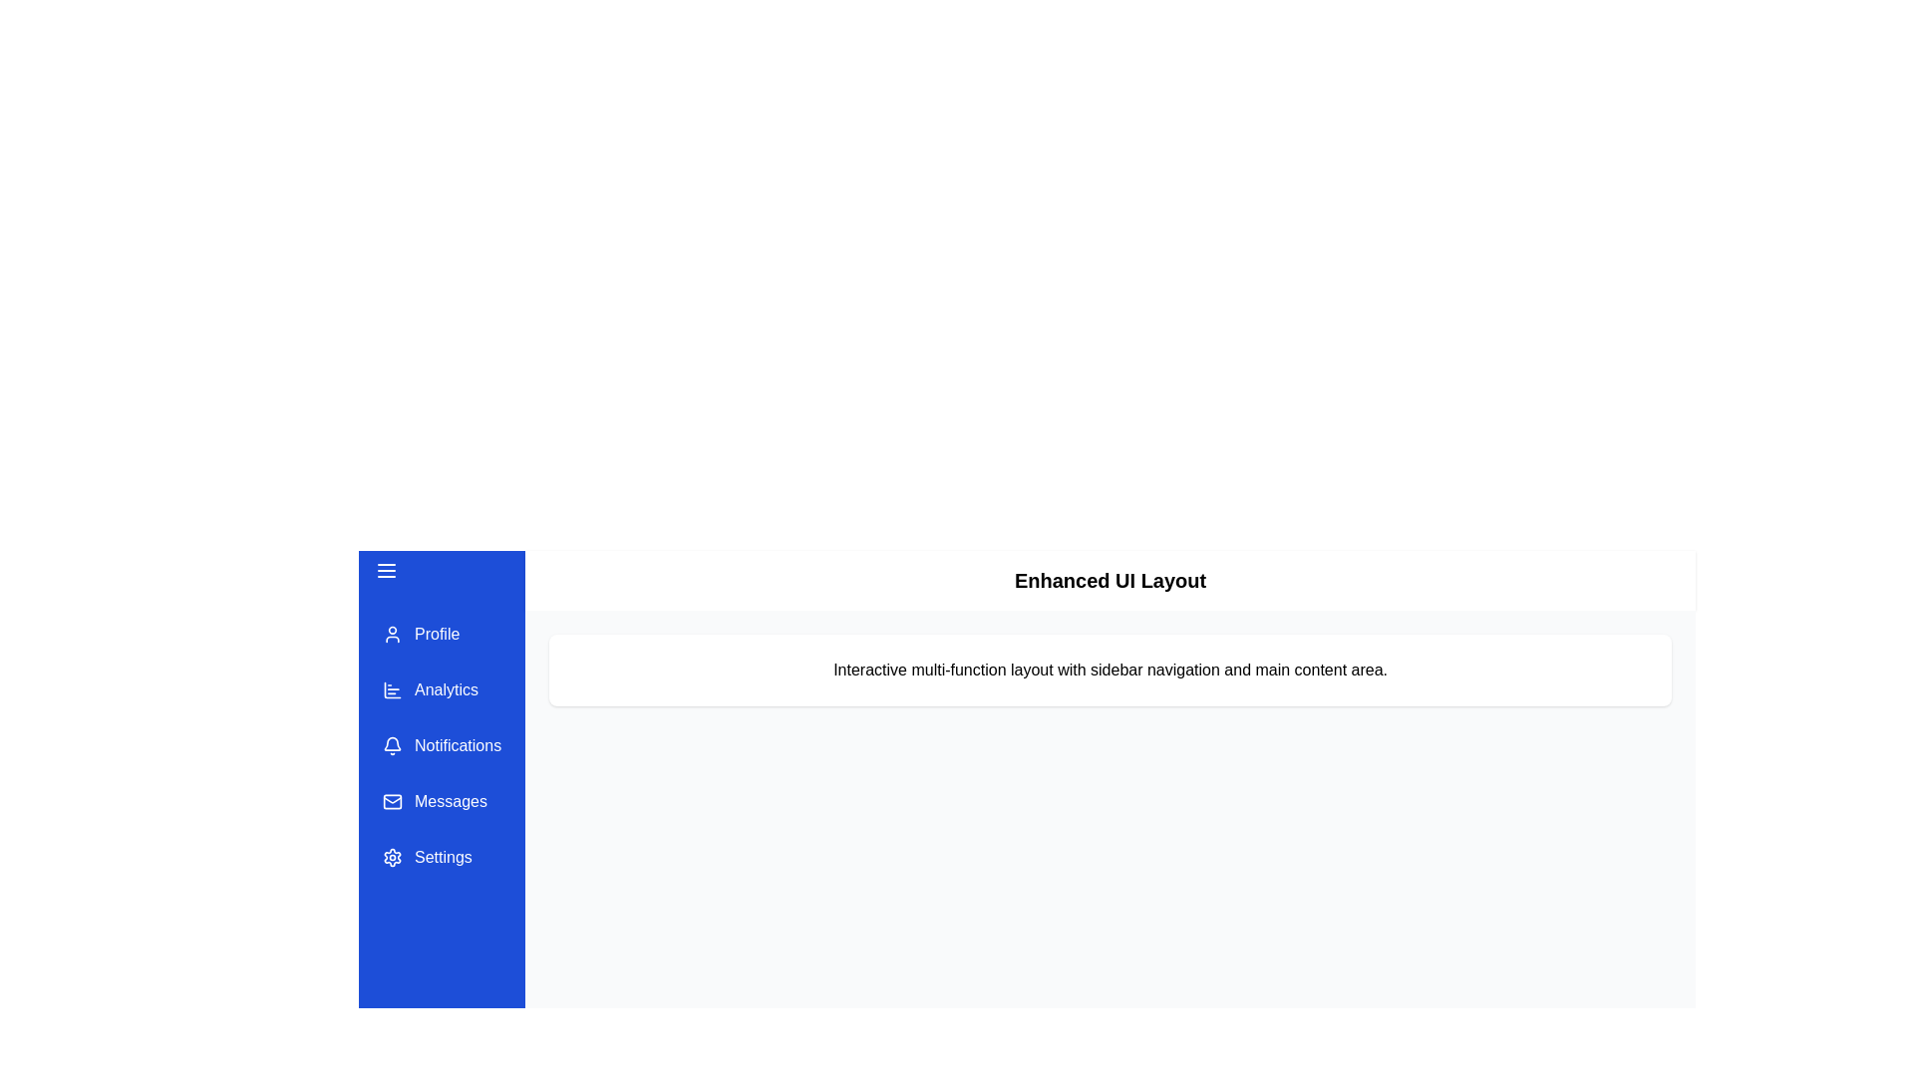 The width and height of the screenshot is (1914, 1076). I want to click on the user profile icon located in the left sidebar, preceding the 'Profile' text label, so click(392, 634).